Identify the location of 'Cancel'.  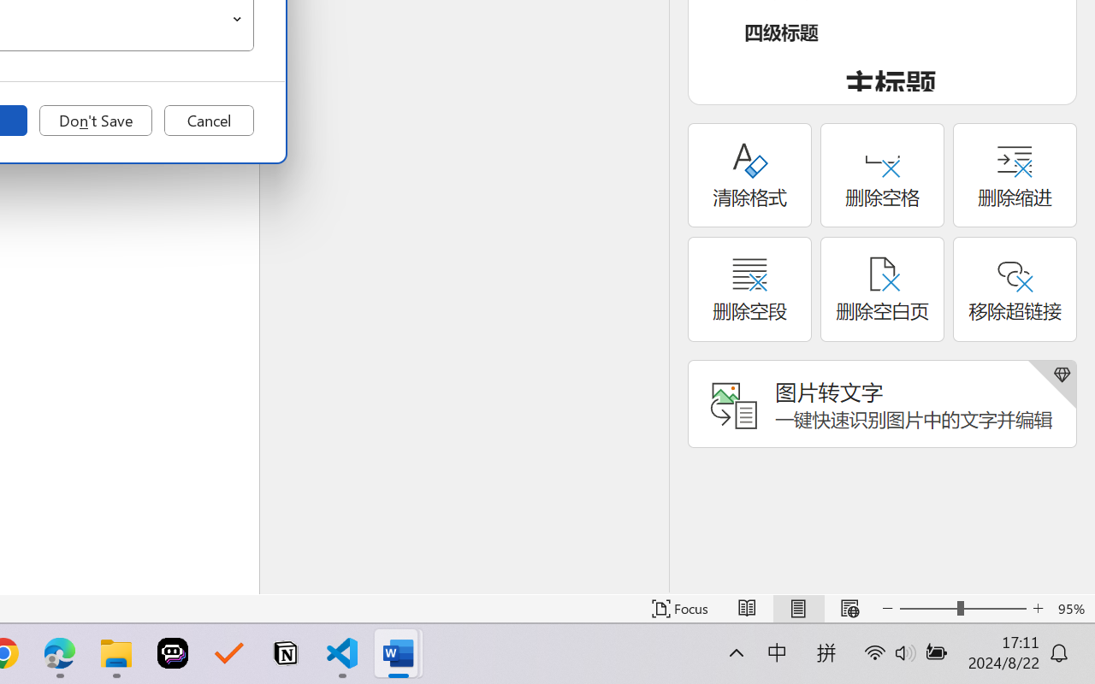
(208, 121).